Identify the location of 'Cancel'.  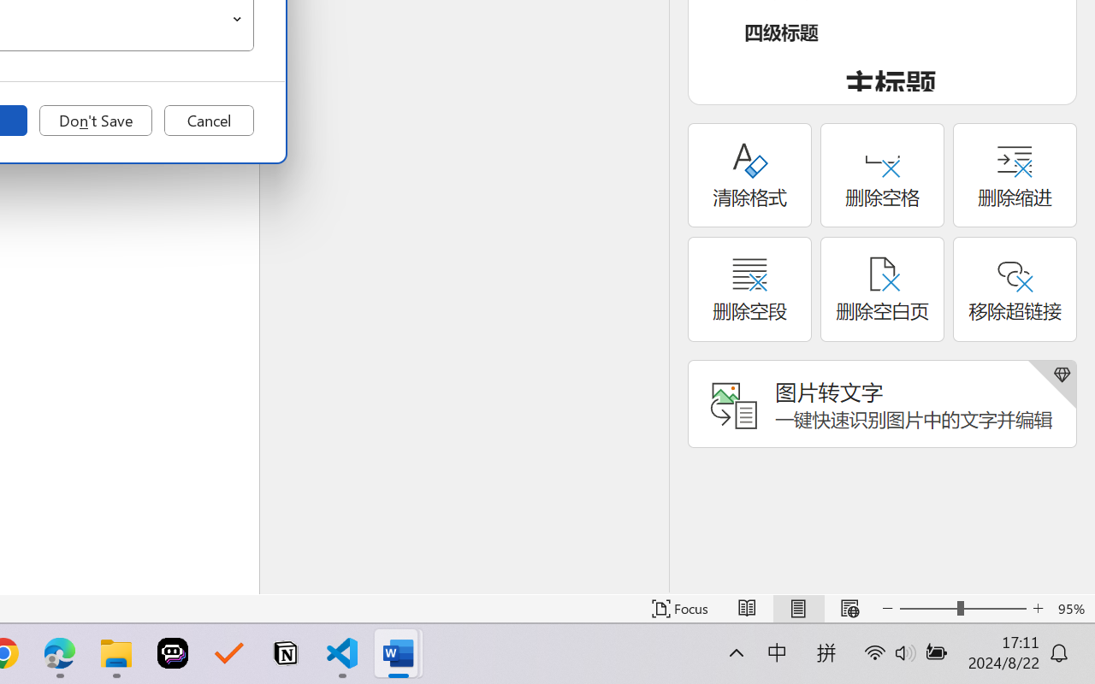
(208, 121).